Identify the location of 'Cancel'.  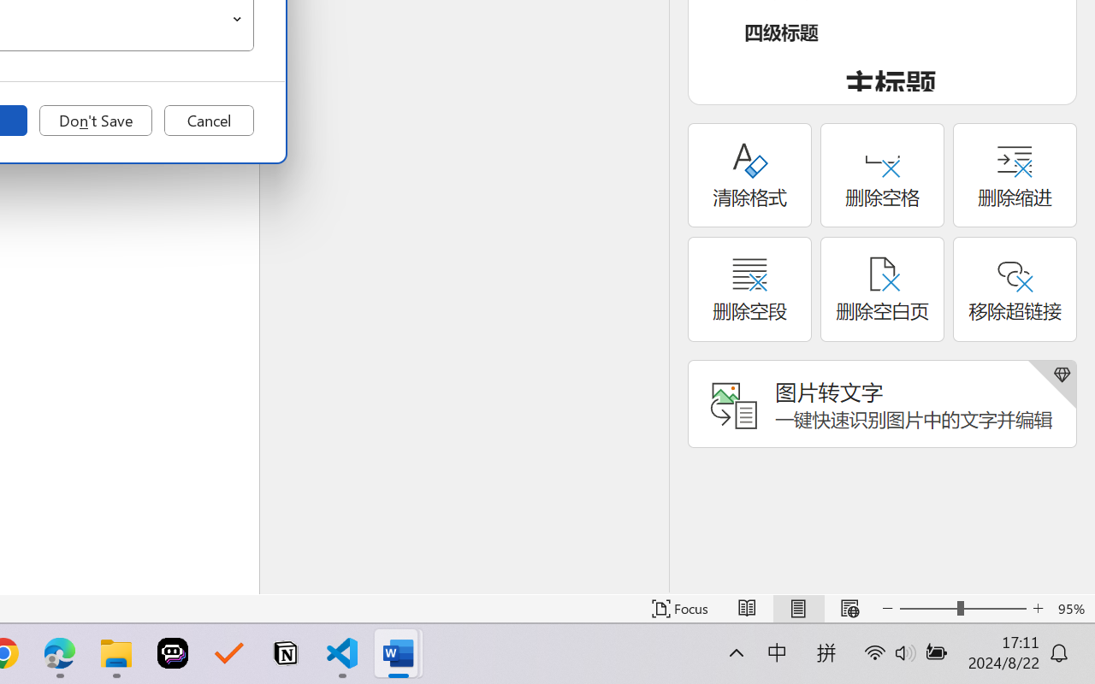
(208, 121).